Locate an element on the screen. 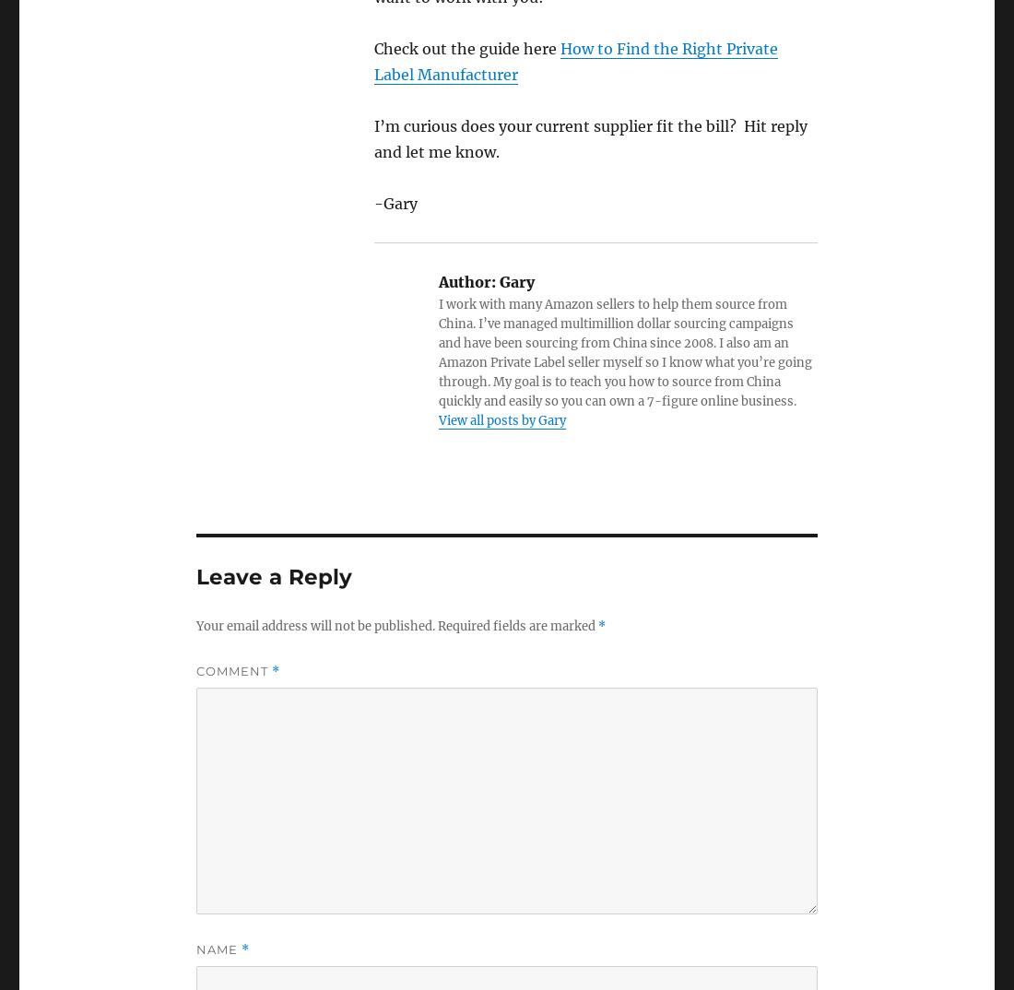  'Author:' is located at coordinates (466, 281).